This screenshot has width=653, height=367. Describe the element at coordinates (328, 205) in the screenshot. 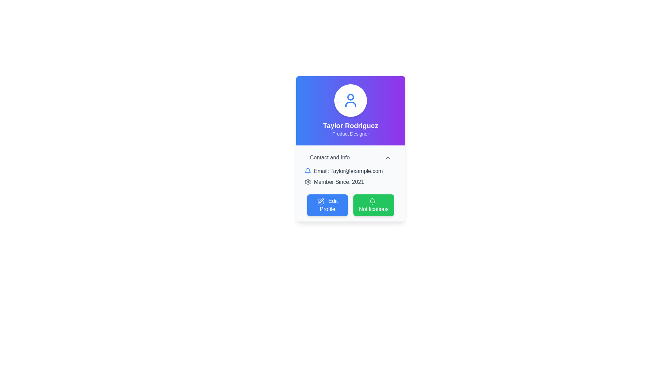

I see `the first button in the bottom row of the card interface` at that location.